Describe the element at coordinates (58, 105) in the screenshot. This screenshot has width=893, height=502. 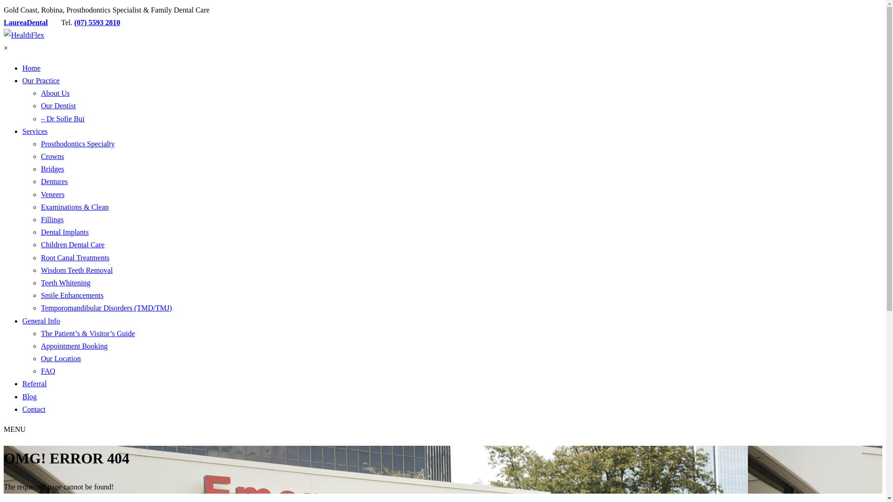
I see `'Our Dentist'` at that location.